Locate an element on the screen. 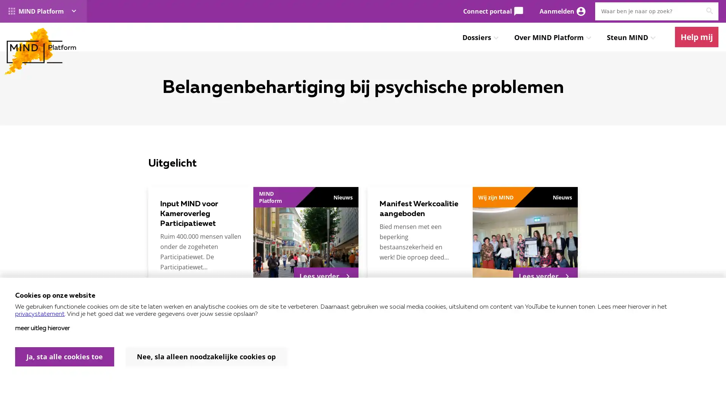 Image resolution: width=726 pixels, height=408 pixels. Nee, sla alleen noodzakelijke cookies op is located at coordinates (206, 357).